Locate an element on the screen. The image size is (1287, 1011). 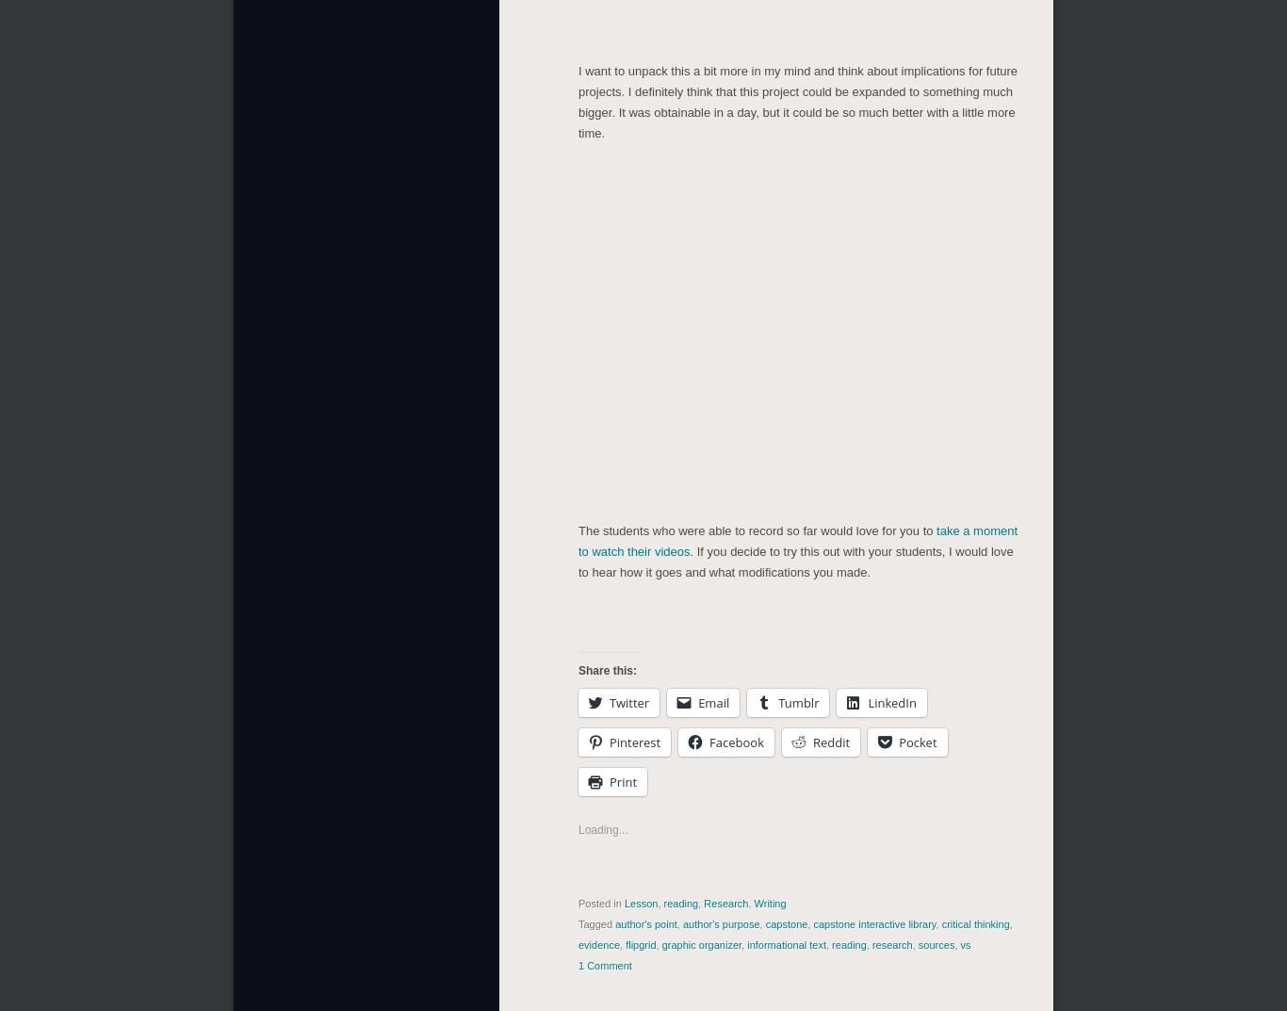
'capstone interactive library' is located at coordinates (874, 921).